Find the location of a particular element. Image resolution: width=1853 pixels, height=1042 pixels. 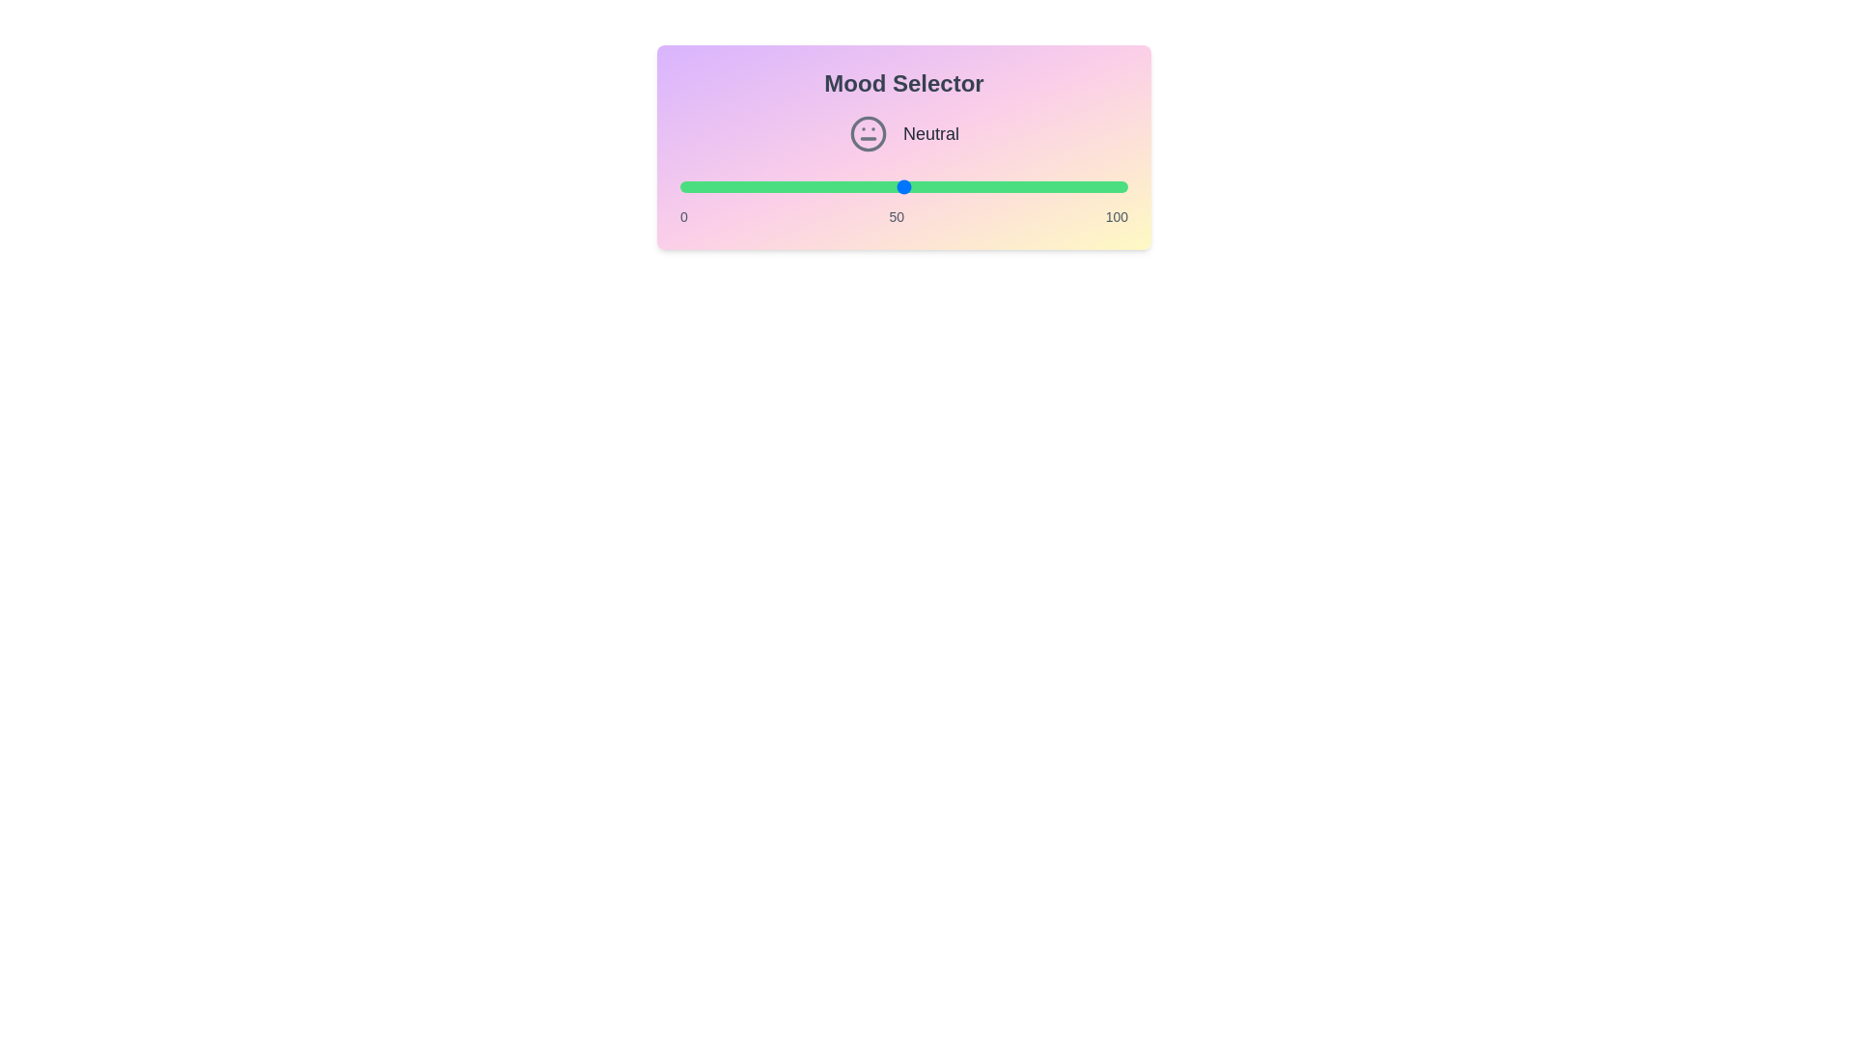

the mood value to 73 by adjusting the slider is located at coordinates (1006, 186).